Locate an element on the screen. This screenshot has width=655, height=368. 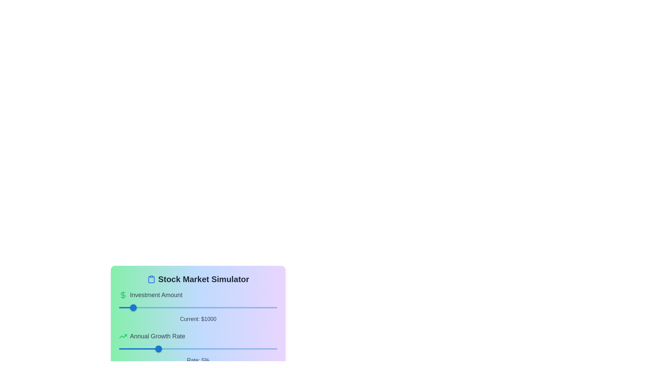
the slider value is located at coordinates (157, 349).